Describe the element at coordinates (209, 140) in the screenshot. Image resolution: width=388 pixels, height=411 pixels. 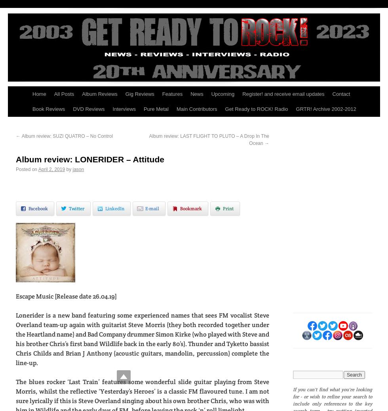
I see `'Album review: LAST FLIGHT TO PLUTO – A Drop In The Ocean'` at that location.